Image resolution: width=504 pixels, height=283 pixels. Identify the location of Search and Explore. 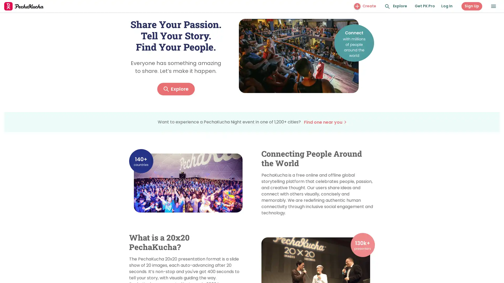
(387, 6).